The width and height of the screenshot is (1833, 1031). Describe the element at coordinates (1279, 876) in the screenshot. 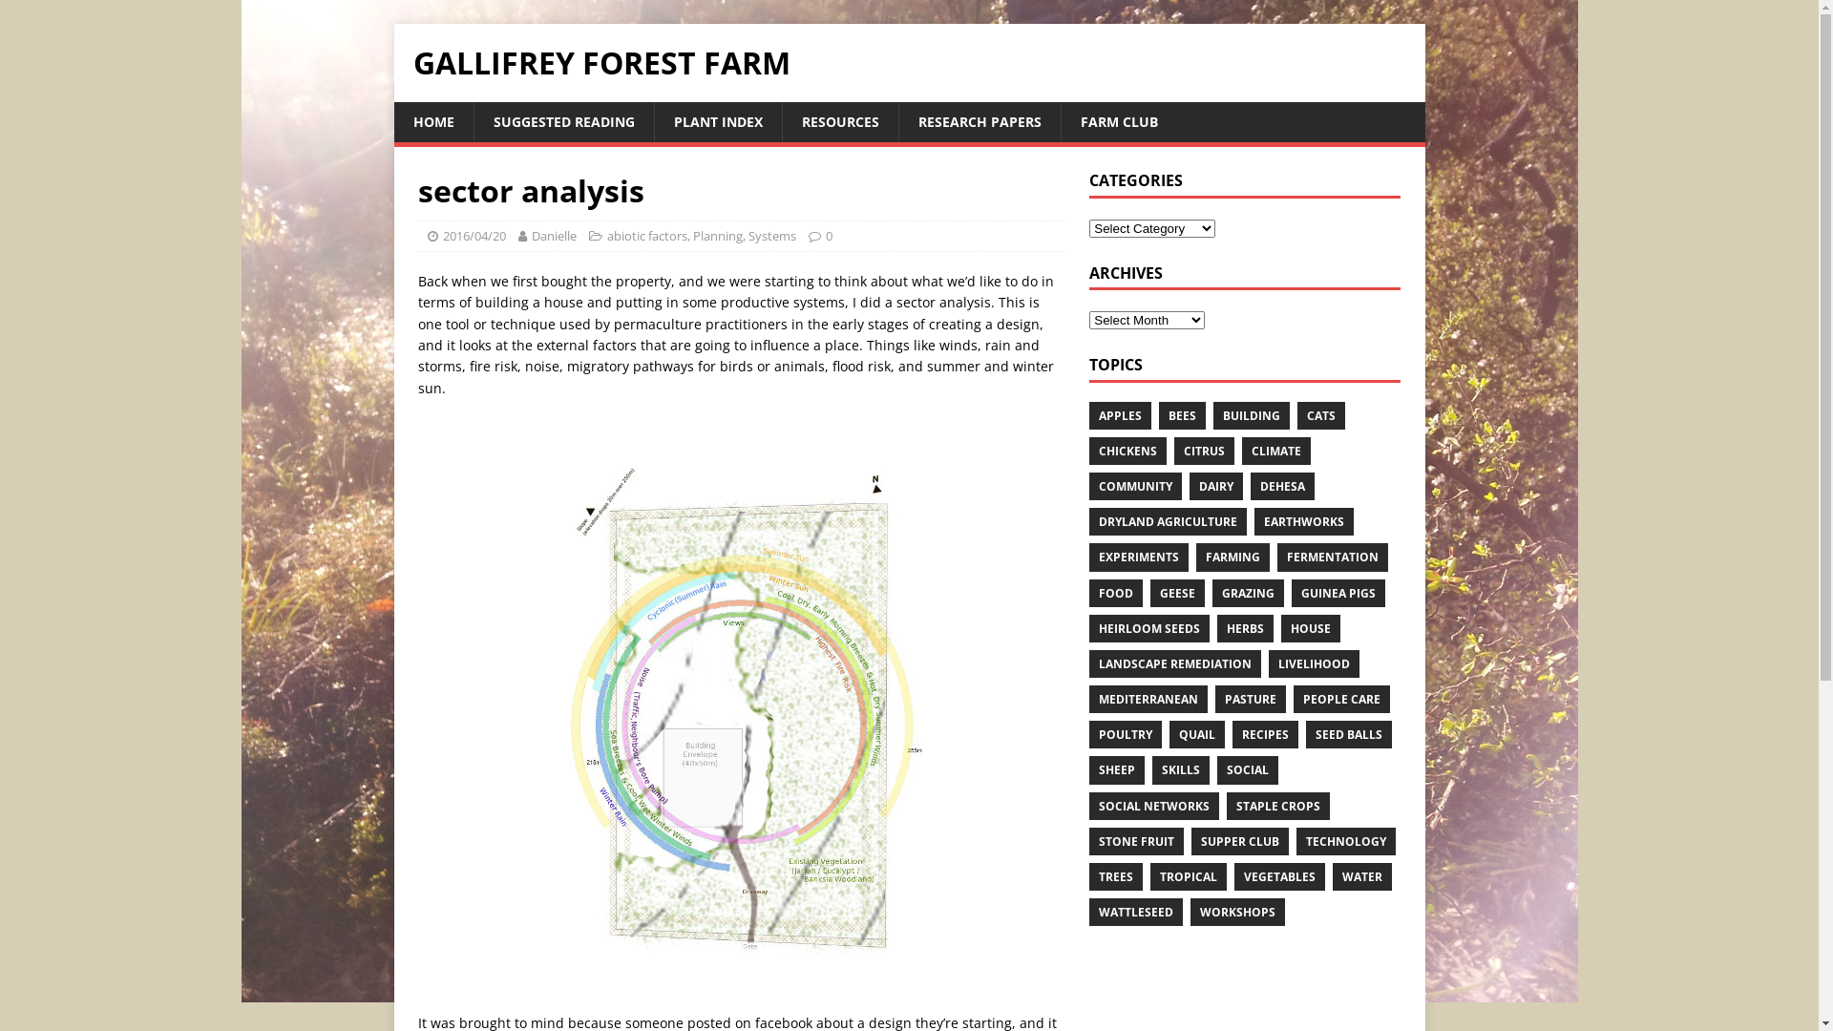

I see `'VEGETABLES'` at that location.